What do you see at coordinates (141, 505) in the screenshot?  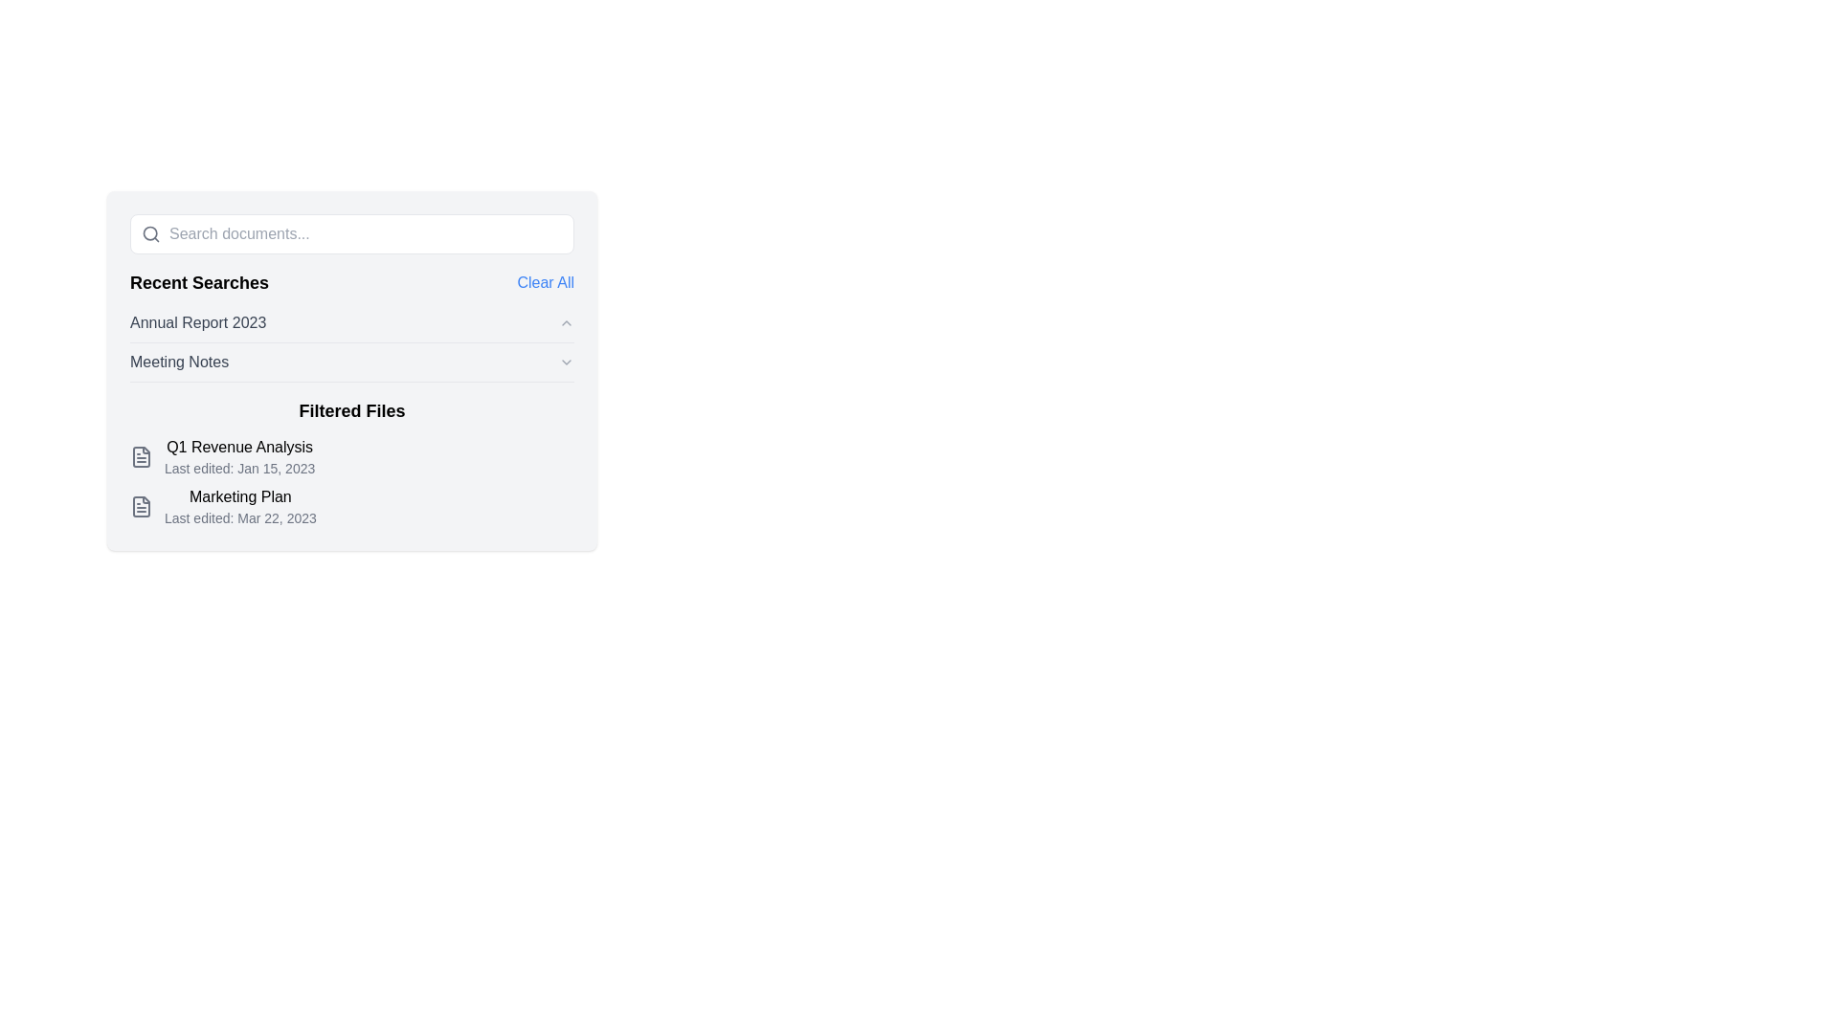 I see `the 'Marketing Plan' file icon located at the far left of the 'Filtered Files' section, positioned before the text 'Marketing Plan'` at bounding box center [141, 505].